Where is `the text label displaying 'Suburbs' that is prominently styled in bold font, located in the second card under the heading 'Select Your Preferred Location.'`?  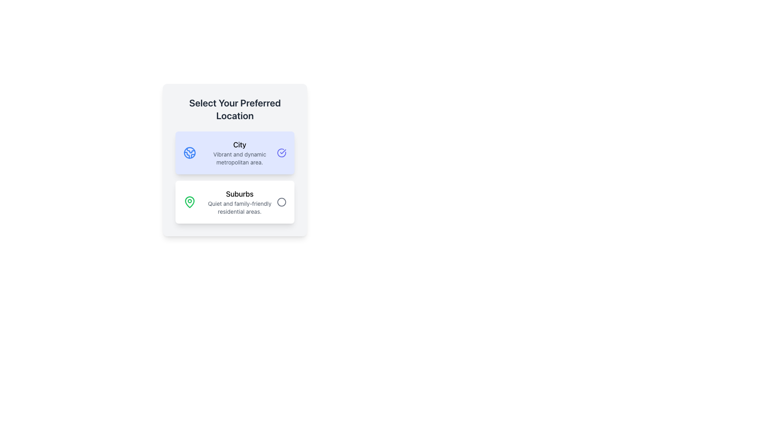
the text label displaying 'Suburbs' that is prominently styled in bold font, located in the second card under the heading 'Select Your Preferred Location.' is located at coordinates (239, 194).